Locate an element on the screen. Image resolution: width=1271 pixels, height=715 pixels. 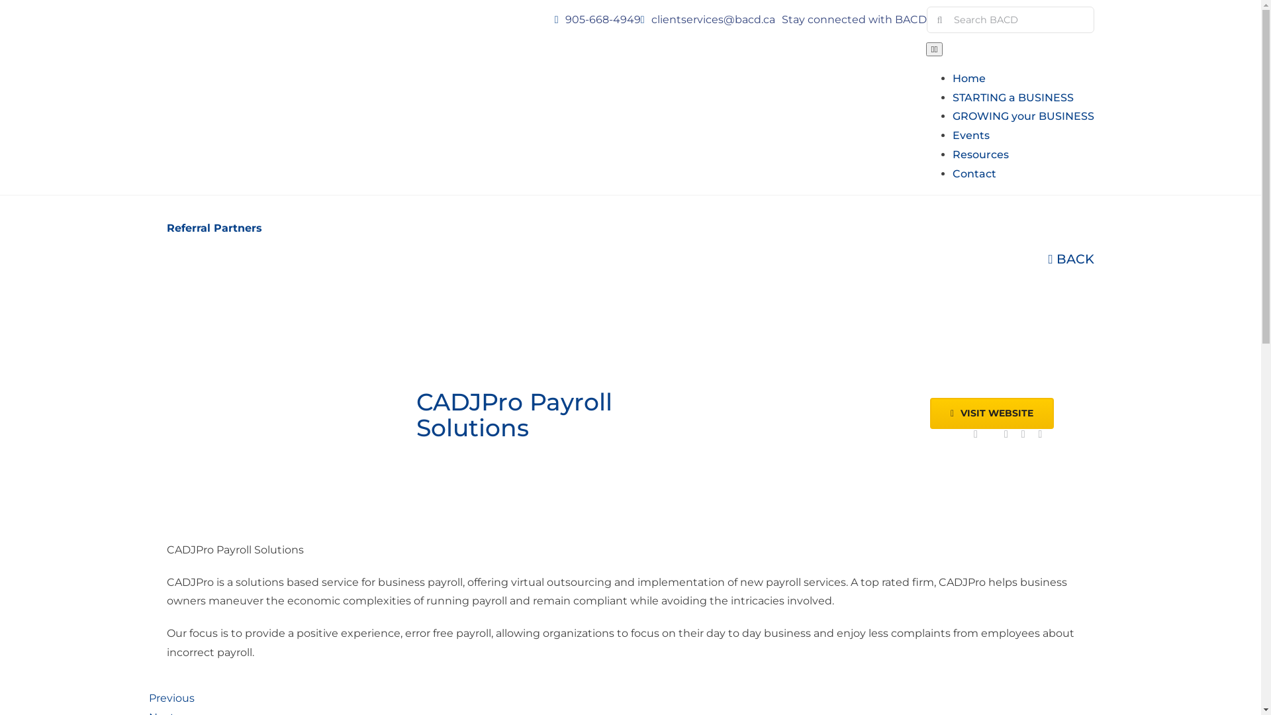
'GROWING your BUSINESS' is located at coordinates (952, 115).